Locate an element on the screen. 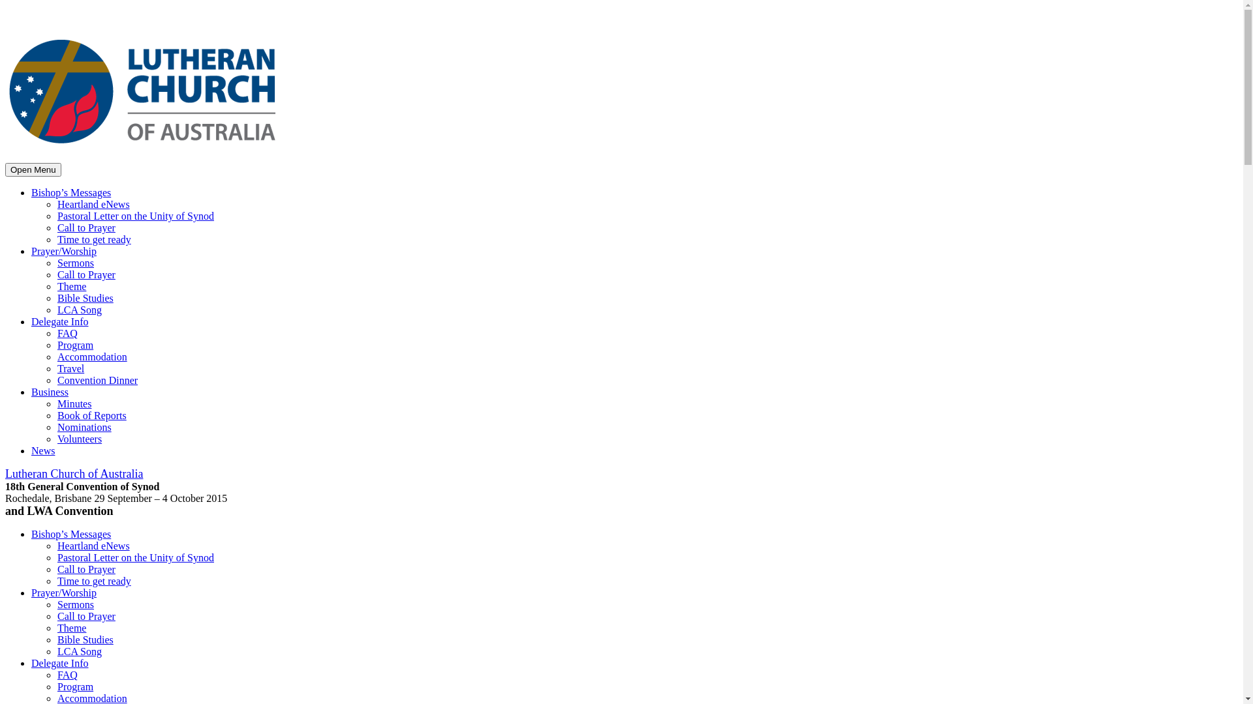 This screenshot has width=1253, height=704. 'Delegate Info' is located at coordinates (59, 663).